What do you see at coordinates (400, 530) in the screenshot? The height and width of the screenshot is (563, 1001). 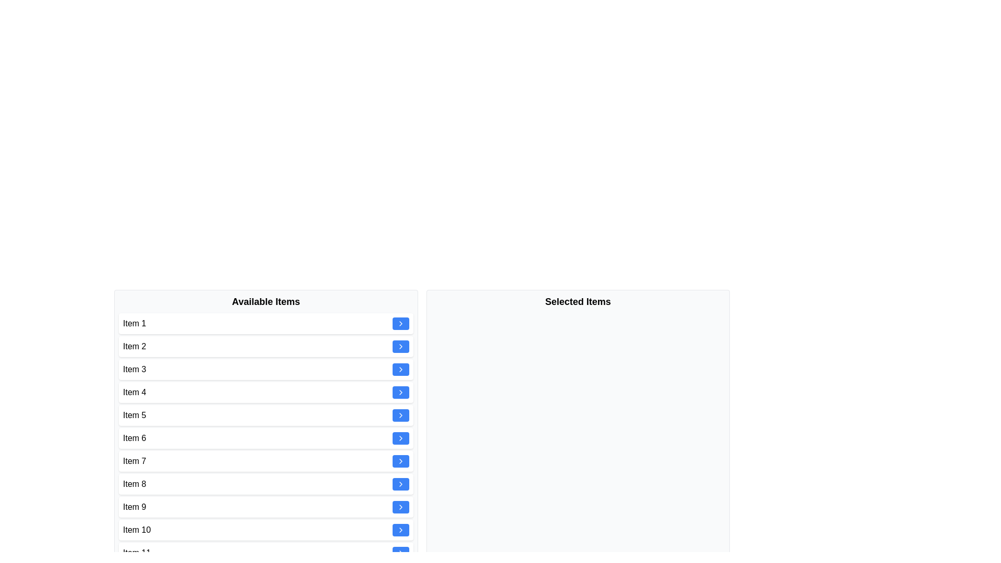 I see `the rightward chevron icon within the blue circular button in the twelfth row of the 'Available Items' list` at bounding box center [400, 530].